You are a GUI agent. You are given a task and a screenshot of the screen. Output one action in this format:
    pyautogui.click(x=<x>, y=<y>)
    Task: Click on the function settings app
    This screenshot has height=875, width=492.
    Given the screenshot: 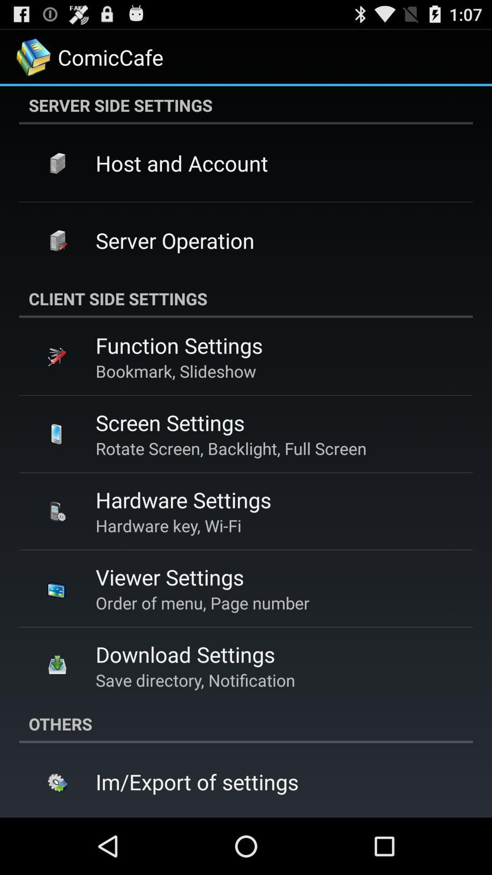 What is the action you would take?
    pyautogui.click(x=179, y=345)
    